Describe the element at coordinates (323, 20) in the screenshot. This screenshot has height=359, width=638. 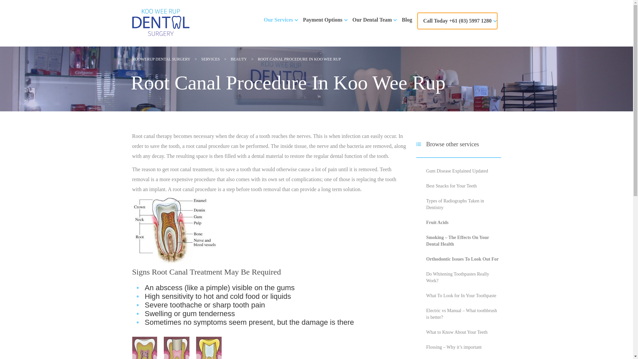
I see `'Payment Options'` at that location.